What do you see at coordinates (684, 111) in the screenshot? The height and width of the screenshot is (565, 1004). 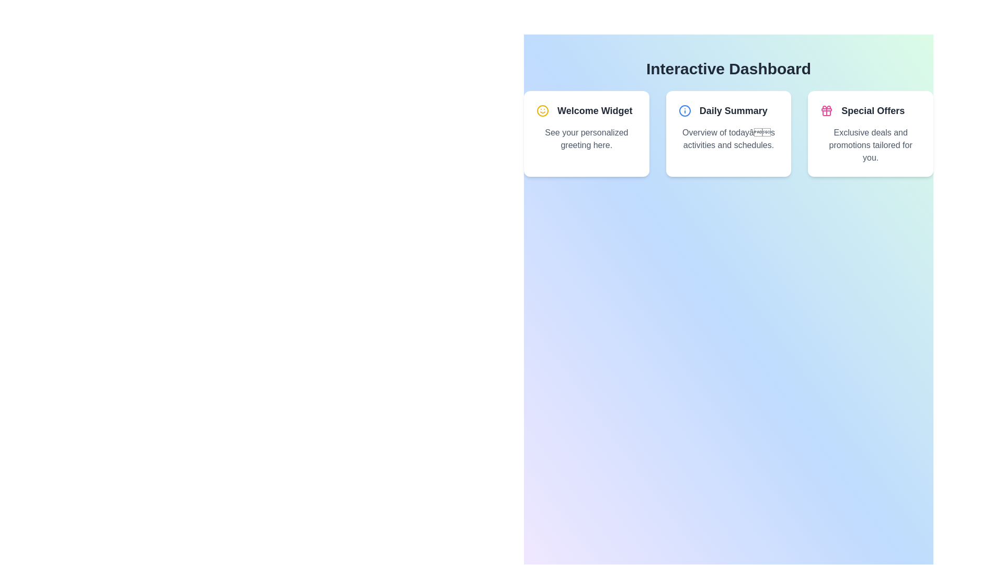 I see `the informational icon located to the left of the 'Daily Summary' text title` at bounding box center [684, 111].